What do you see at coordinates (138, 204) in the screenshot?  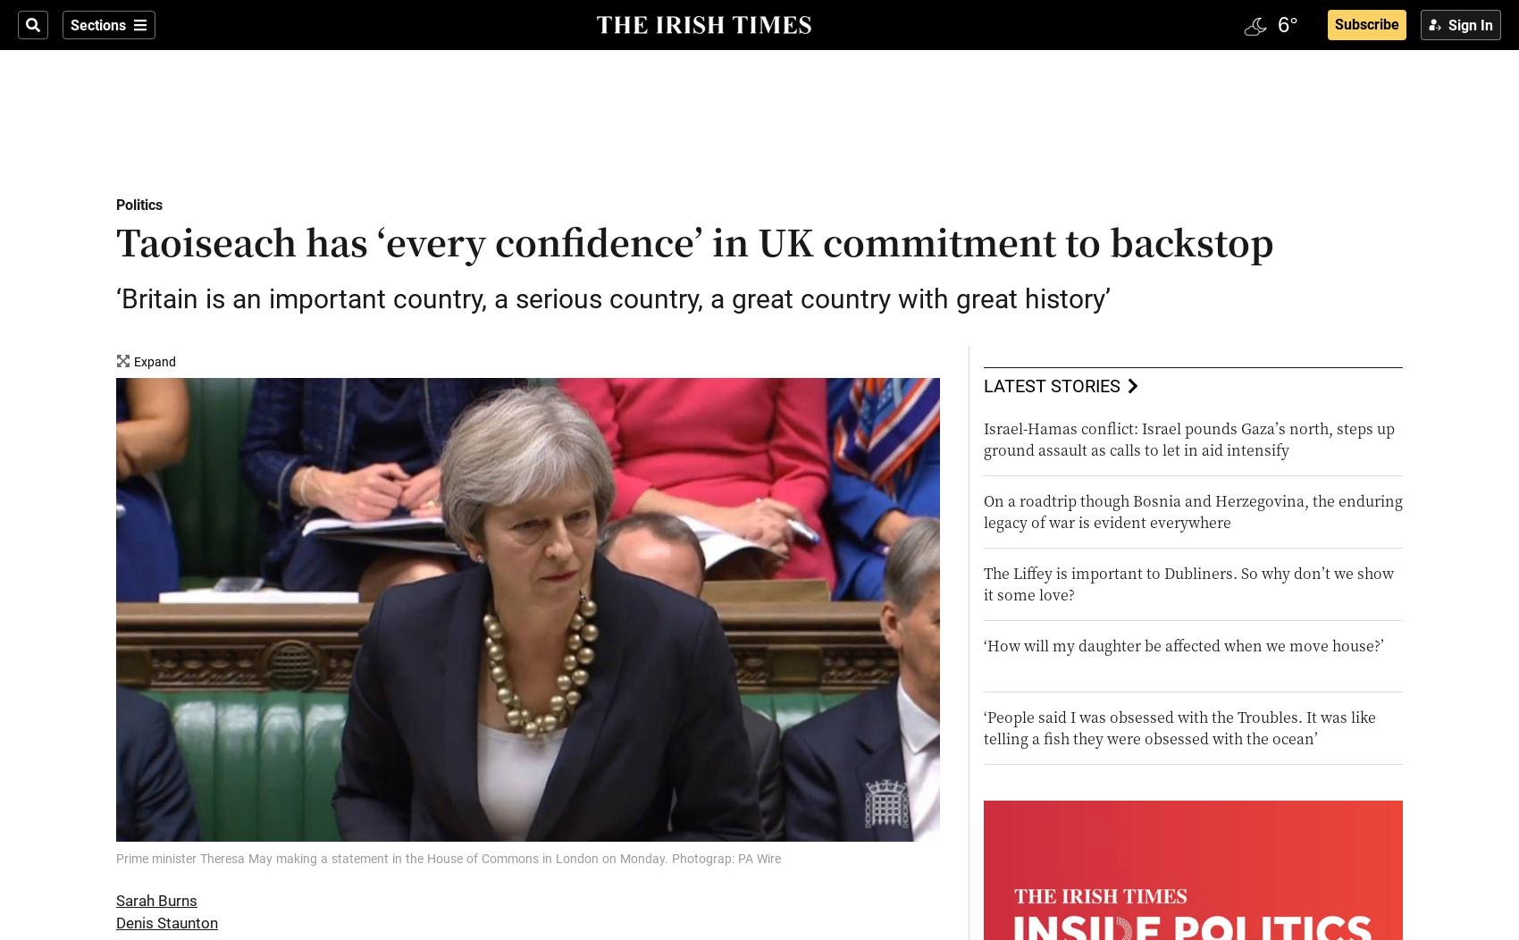 I see `'Politics'` at bounding box center [138, 204].